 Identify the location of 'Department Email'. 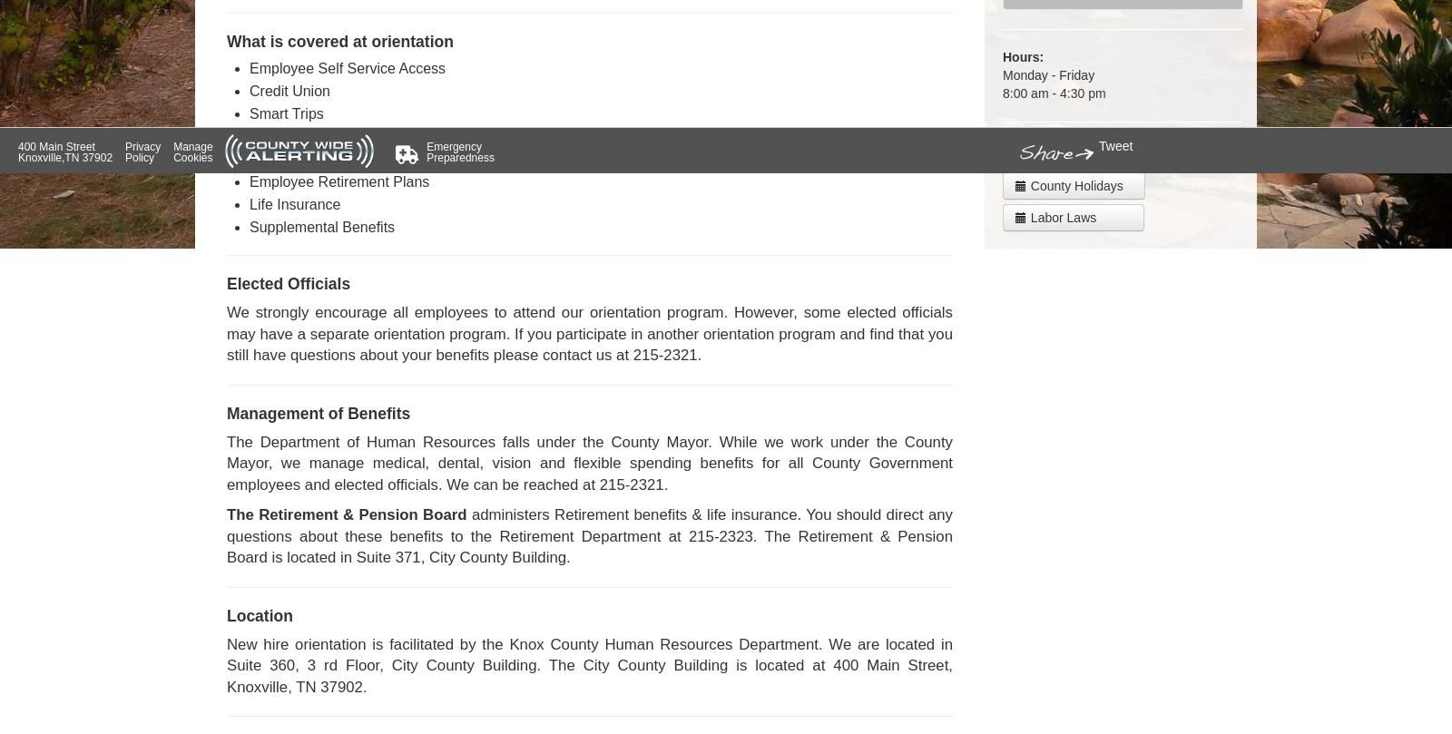
(1078, 152).